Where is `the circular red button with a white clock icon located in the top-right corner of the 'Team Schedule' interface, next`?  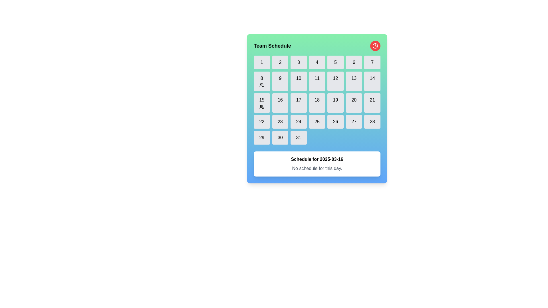 the circular red button with a white clock icon located in the top-right corner of the 'Team Schedule' interface, next is located at coordinates (375, 46).